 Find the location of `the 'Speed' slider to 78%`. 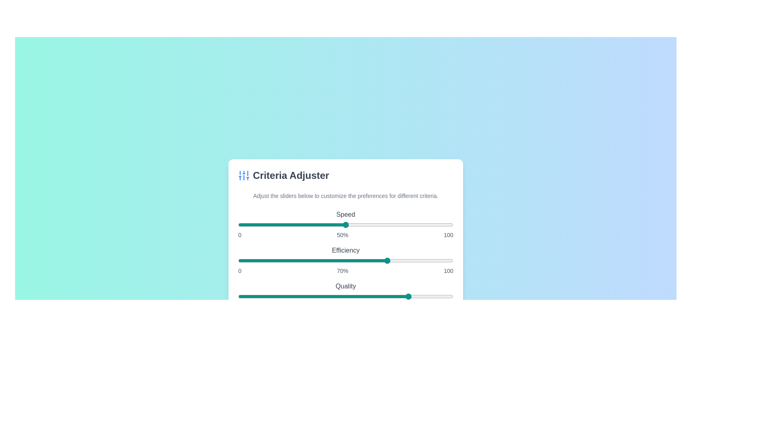

the 'Speed' slider to 78% is located at coordinates (406, 224).